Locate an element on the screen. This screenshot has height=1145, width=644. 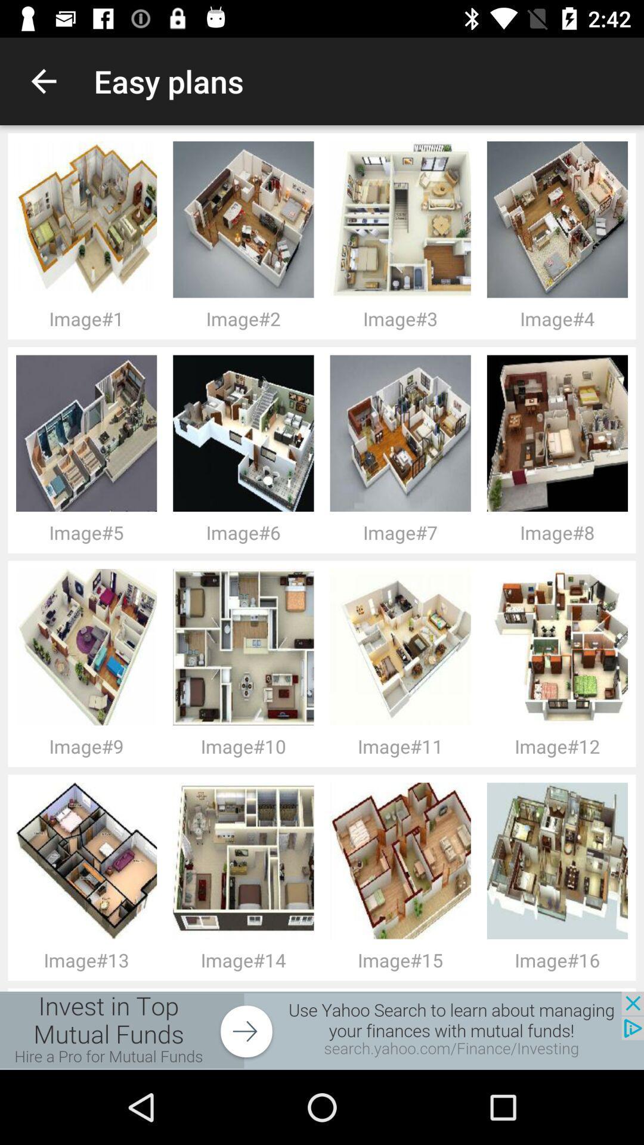
icon below the image#13 icon is located at coordinates (322, 1030).